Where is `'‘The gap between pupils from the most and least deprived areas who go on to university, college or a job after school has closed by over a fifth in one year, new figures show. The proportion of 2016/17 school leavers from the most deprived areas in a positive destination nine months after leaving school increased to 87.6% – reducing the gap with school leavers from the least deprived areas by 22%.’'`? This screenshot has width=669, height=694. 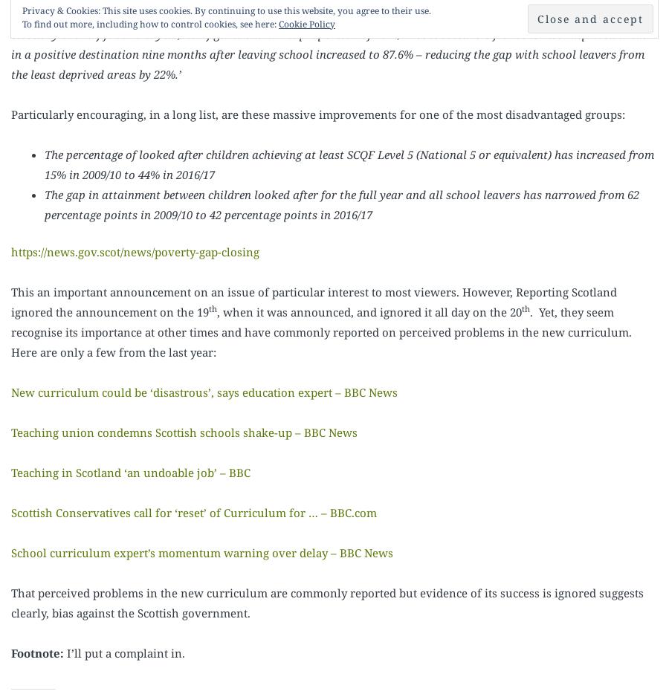
'‘The gap between pupils from the most and least deprived areas who go on to university, college or a job after school has closed by over a fifth in one year, new figures show. The proportion of 2016/17 school leavers from the most deprived areas in a positive destination nine months after leaving school increased to 87.6% – reducing the gap with school leavers from the least deprived areas by 22%.’' is located at coordinates (10, 44).